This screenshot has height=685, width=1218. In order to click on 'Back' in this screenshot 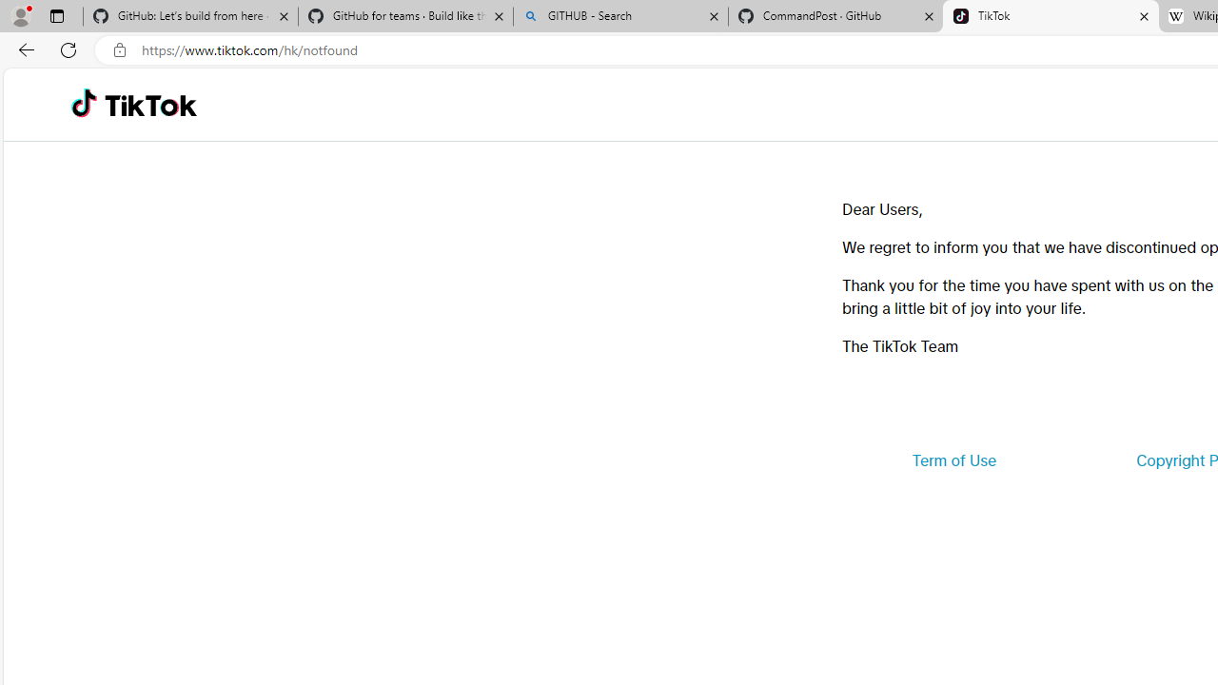, I will do `click(23, 49)`.